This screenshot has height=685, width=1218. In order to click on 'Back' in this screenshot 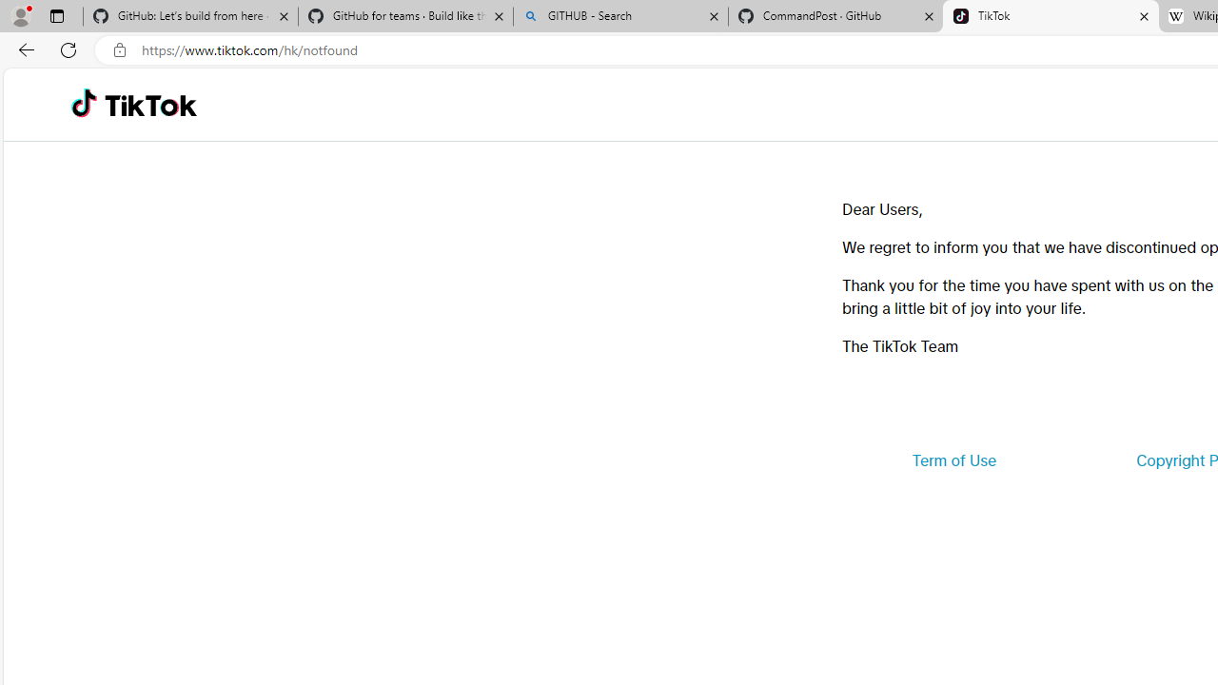, I will do `click(23, 49)`.